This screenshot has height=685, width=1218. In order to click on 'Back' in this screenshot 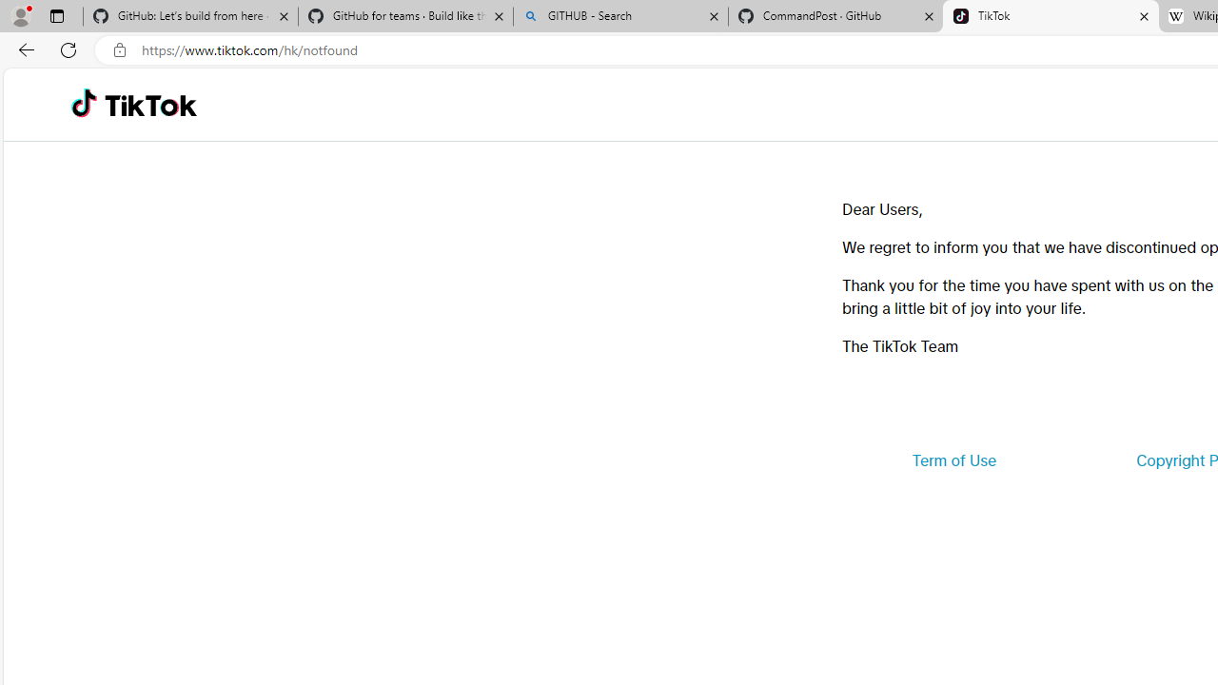, I will do `click(23, 49)`.